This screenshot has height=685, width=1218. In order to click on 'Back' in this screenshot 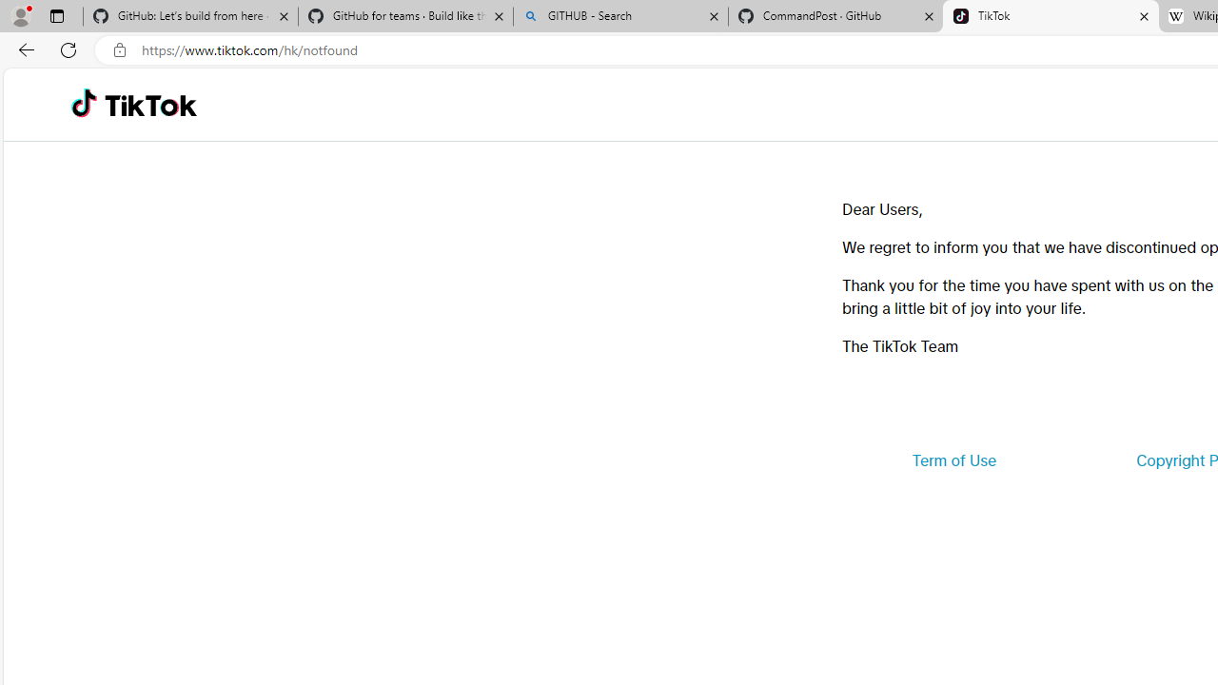, I will do `click(23, 49)`.